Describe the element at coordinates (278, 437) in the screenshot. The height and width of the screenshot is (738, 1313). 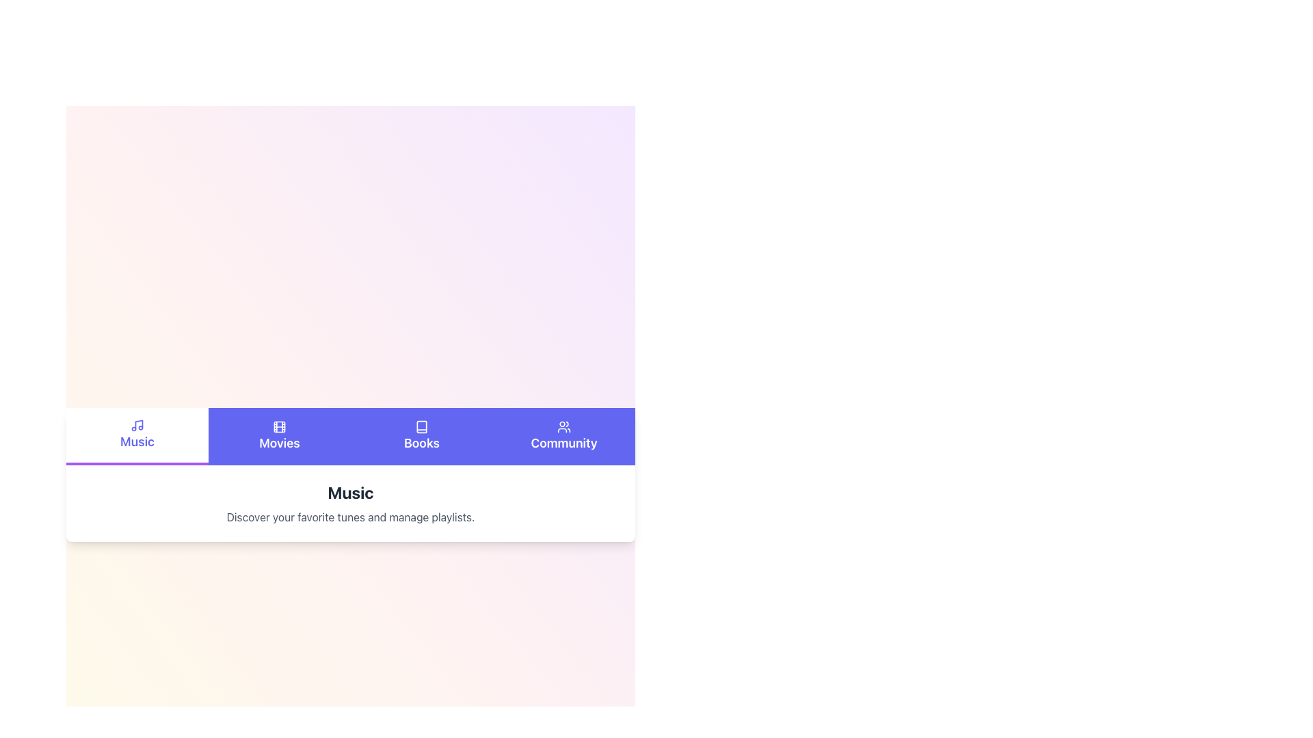
I see `the 'Movies' button, which features a film reel icon and is located in the second position of the navigation bar` at that location.